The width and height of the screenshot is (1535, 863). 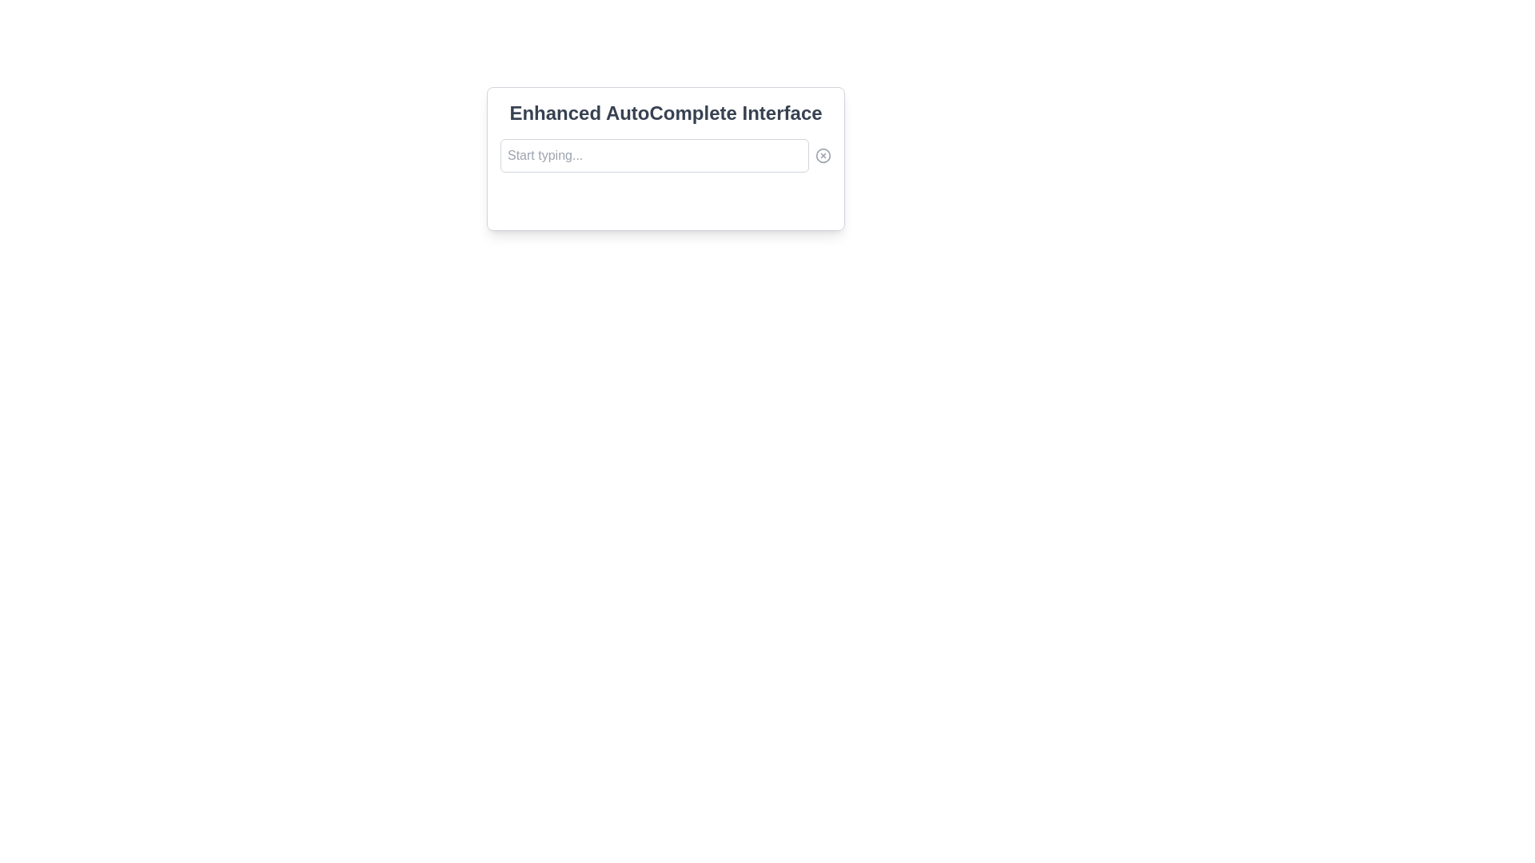 I want to click on the clear button located on the right side of the input field with the placeholder 'Start typing...', so click(x=823, y=156).